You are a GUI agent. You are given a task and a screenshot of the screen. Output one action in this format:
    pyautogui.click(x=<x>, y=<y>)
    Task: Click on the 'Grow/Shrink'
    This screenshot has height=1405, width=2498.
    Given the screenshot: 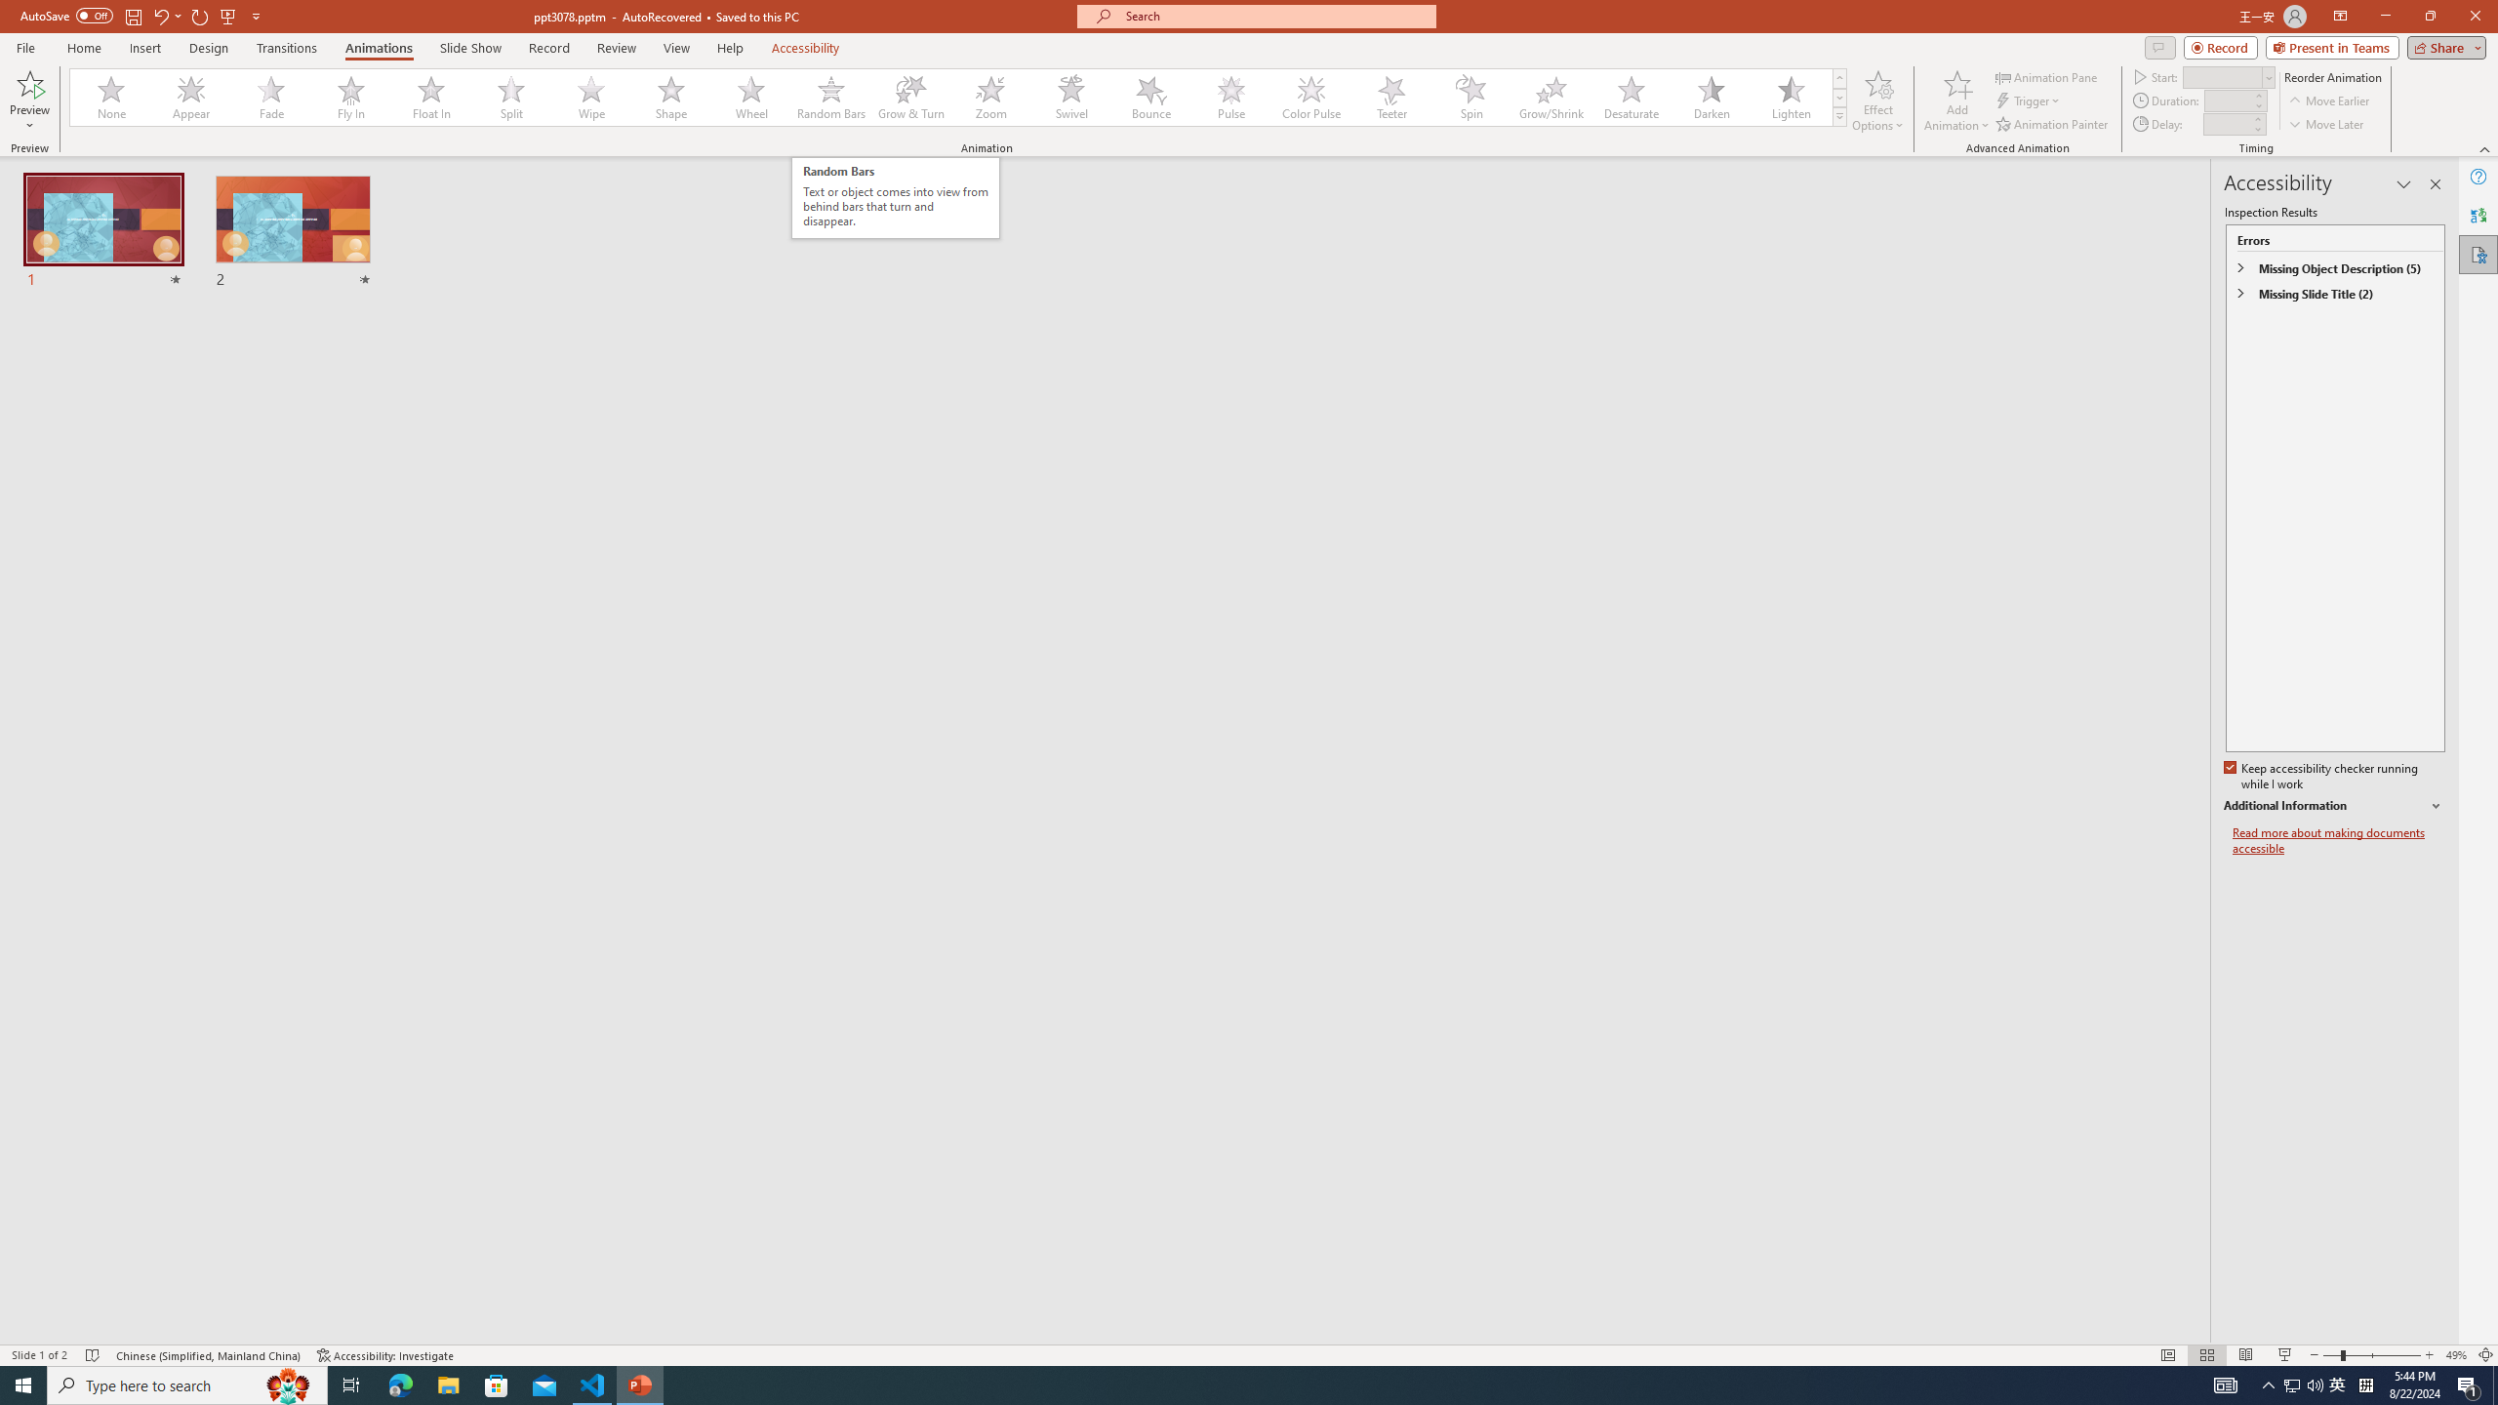 What is the action you would take?
    pyautogui.click(x=1551, y=97)
    